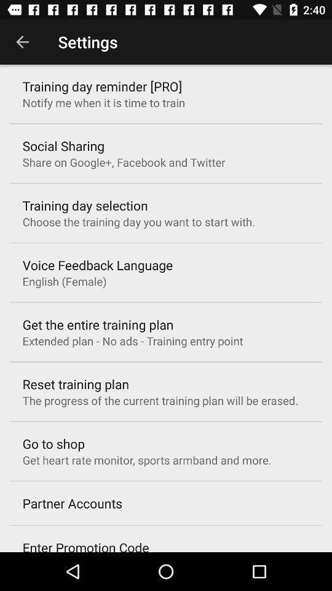 The image size is (332, 591). I want to click on icon below the notify me when, so click(63, 146).